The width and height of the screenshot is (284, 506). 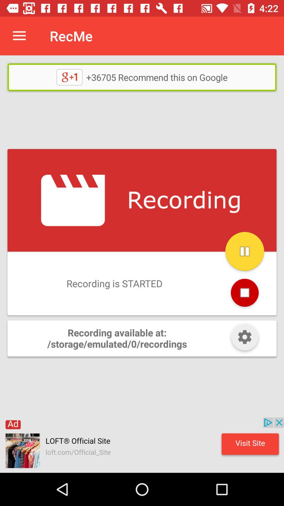 I want to click on open settings, so click(x=245, y=338).